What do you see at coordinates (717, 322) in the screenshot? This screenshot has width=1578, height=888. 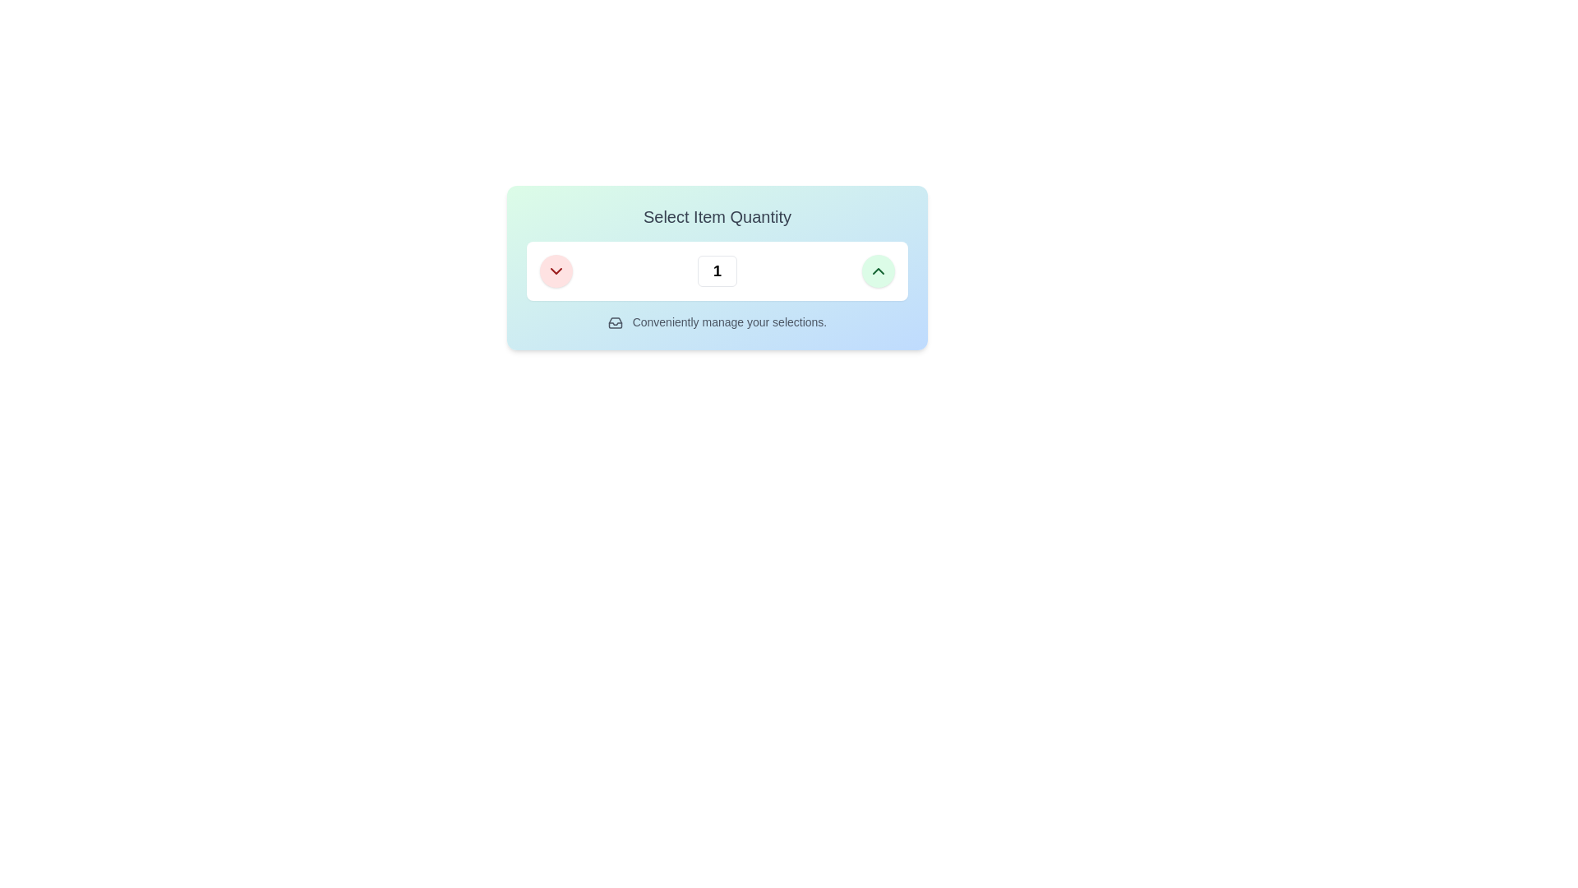 I see `the static text element reading 'Conveniently manage your selections.' which is styled in a small gray font and located below the quantity selector within a blue to green gradient background` at bounding box center [717, 322].